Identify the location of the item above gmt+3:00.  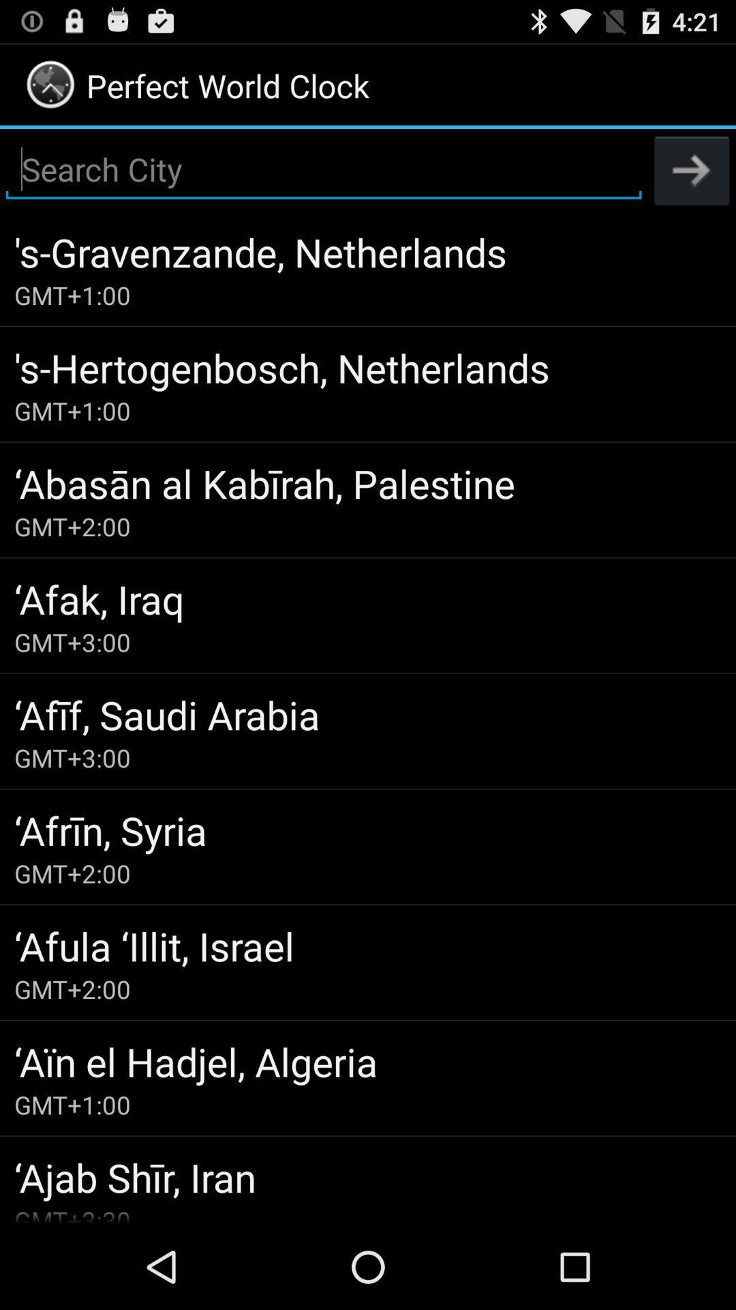
(368, 598).